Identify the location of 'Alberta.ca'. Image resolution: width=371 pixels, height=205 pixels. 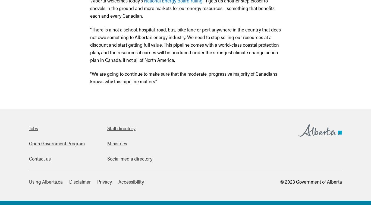
(309, 140).